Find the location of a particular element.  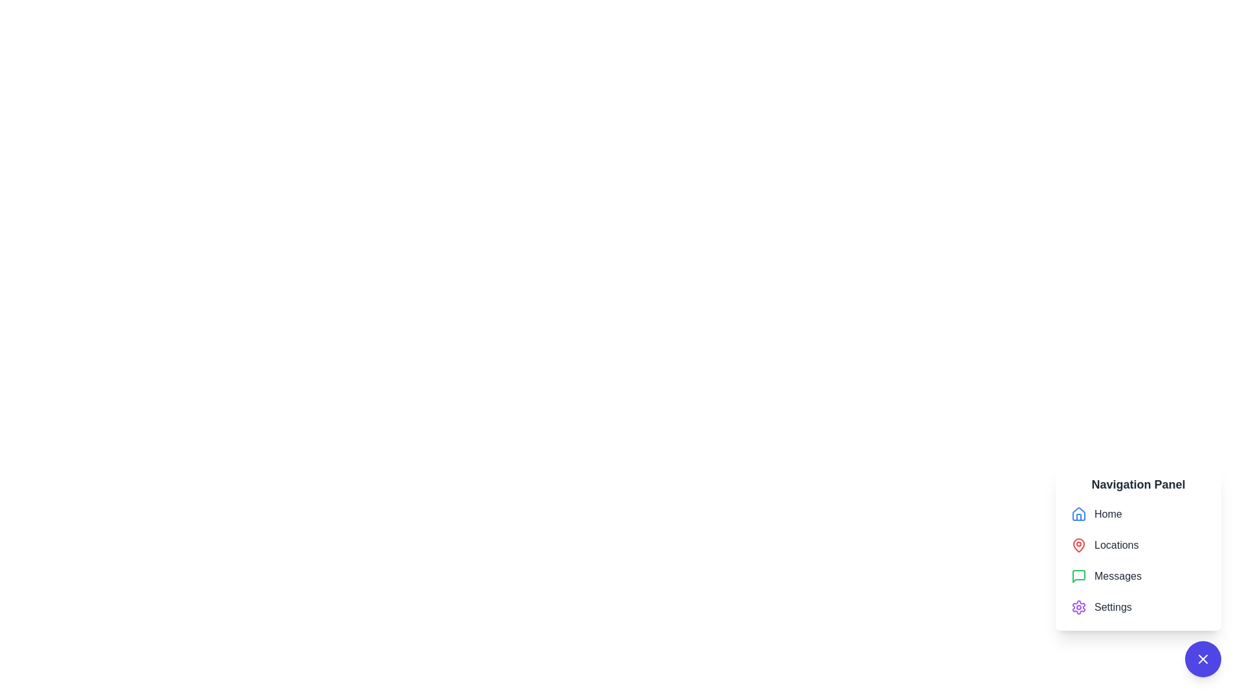

the cogwheel-shaped icon in the bottom-right section of the navigation panel to interpret its graphical meaning is located at coordinates (1079, 608).